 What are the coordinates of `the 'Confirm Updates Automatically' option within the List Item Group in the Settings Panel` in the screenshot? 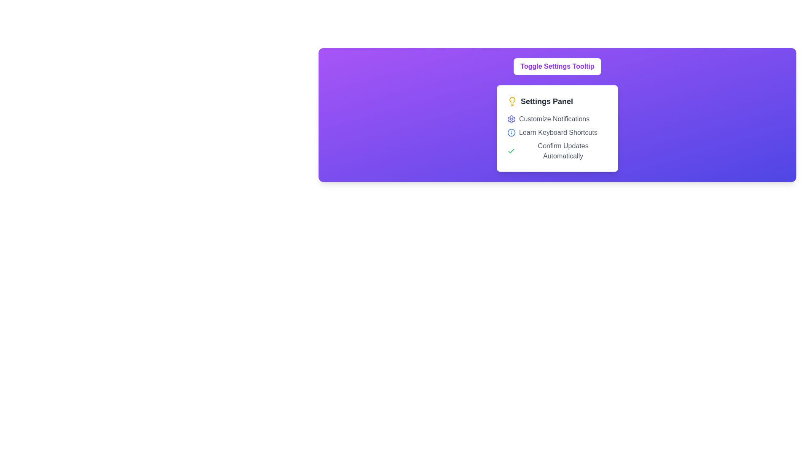 It's located at (557, 137).